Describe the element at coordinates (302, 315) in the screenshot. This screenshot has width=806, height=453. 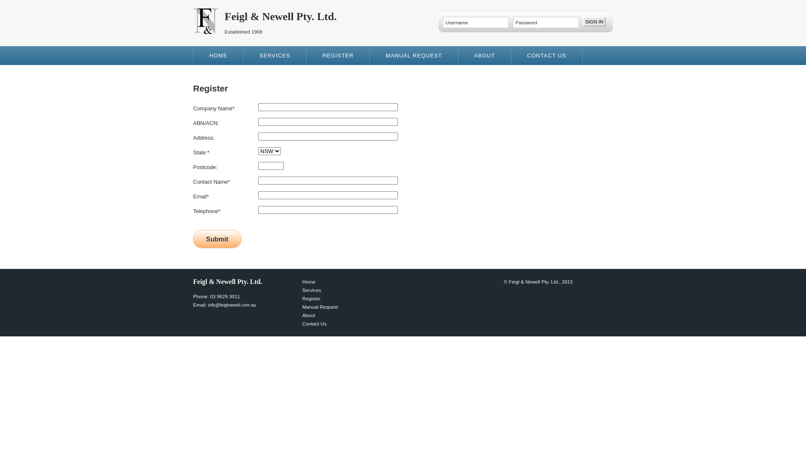
I see `'About'` at that location.